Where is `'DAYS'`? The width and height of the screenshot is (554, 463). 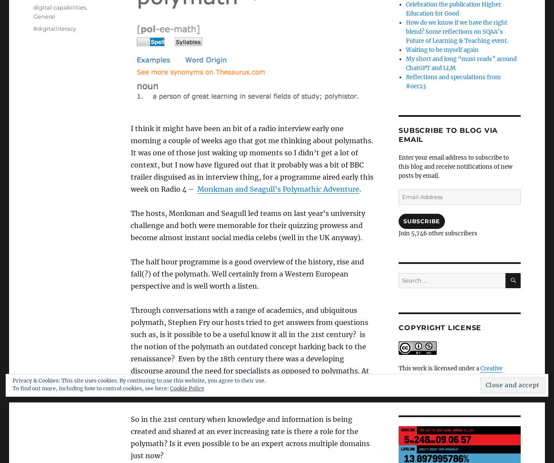
'DAYS' is located at coordinates (432, 441).